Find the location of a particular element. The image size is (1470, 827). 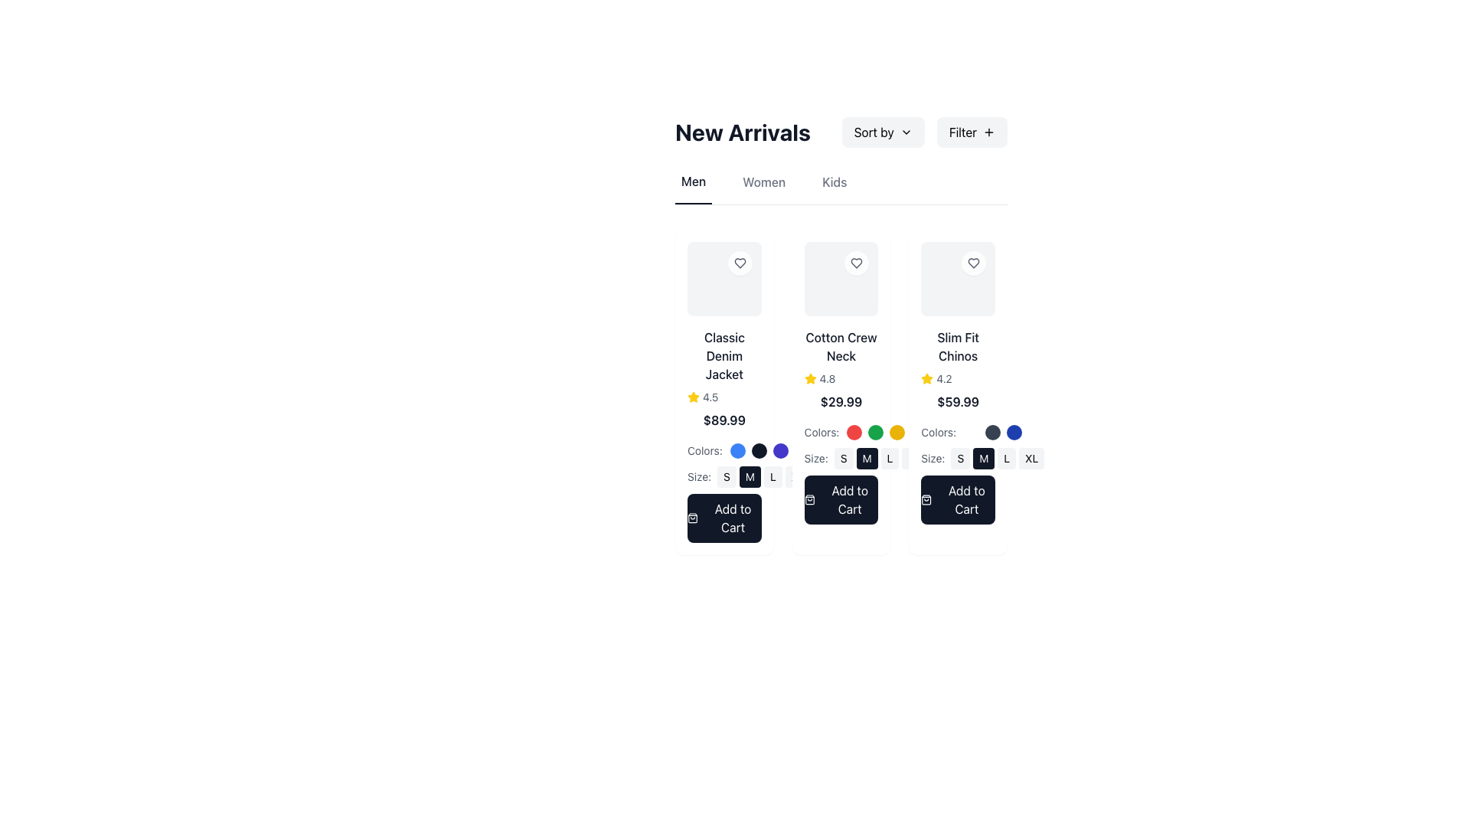

the shopping bag icon located within the 'Add to Cart' button under the 'Slim Fit Chinos' product is located at coordinates (926, 499).